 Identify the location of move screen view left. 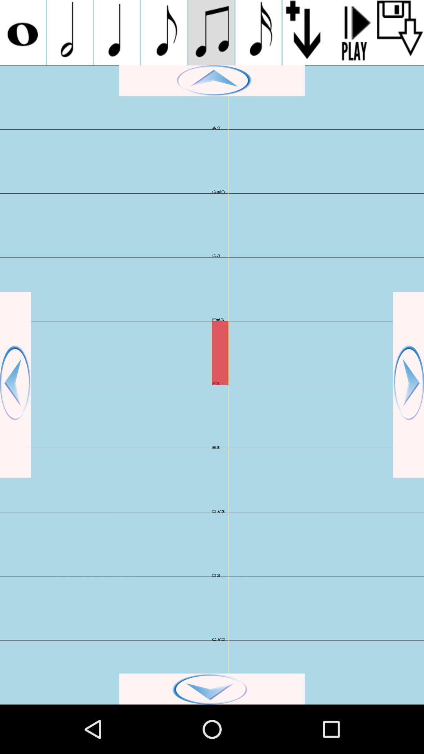
(15, 385).